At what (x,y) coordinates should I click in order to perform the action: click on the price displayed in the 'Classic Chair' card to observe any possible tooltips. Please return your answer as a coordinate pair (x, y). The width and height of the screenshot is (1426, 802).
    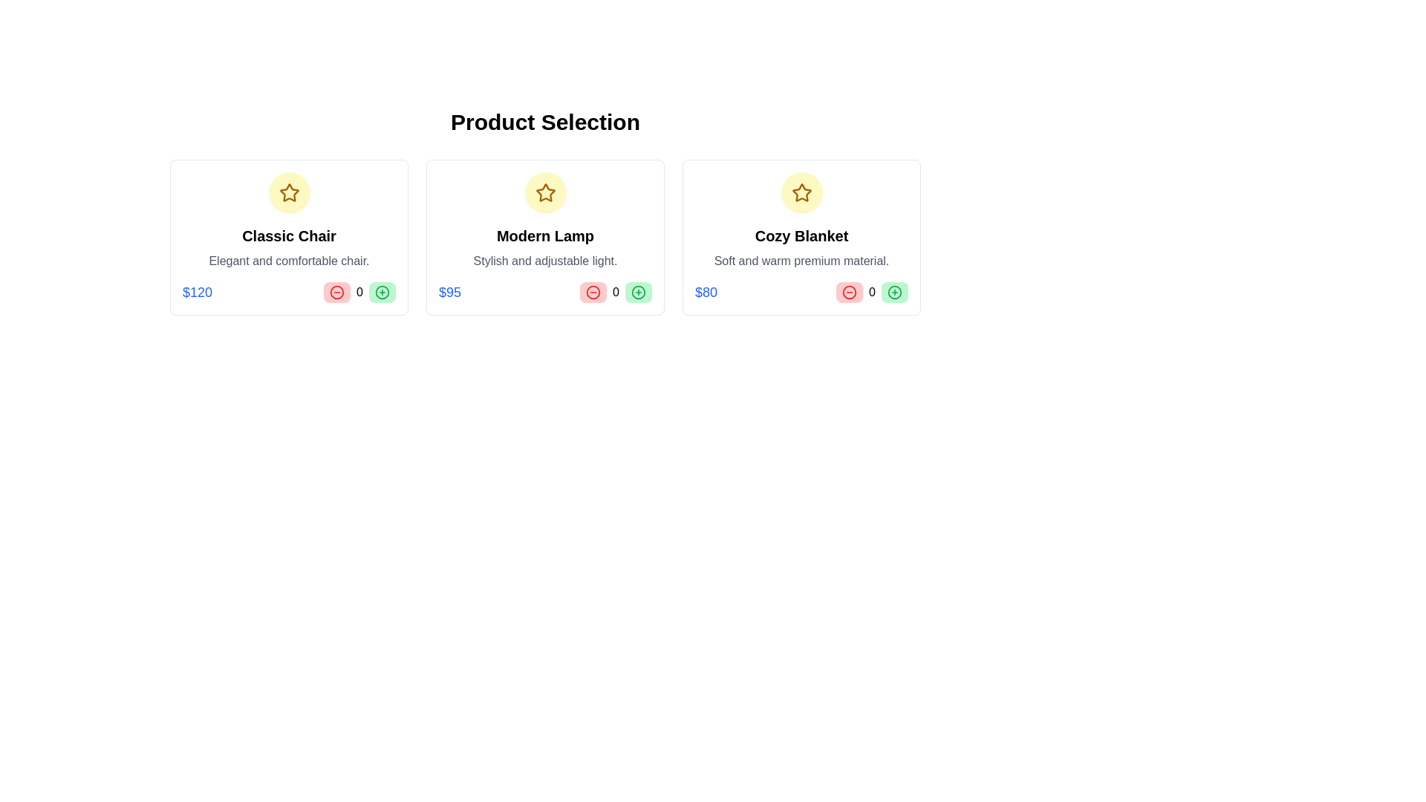
    Looking at the image, I should click on (289, 292).